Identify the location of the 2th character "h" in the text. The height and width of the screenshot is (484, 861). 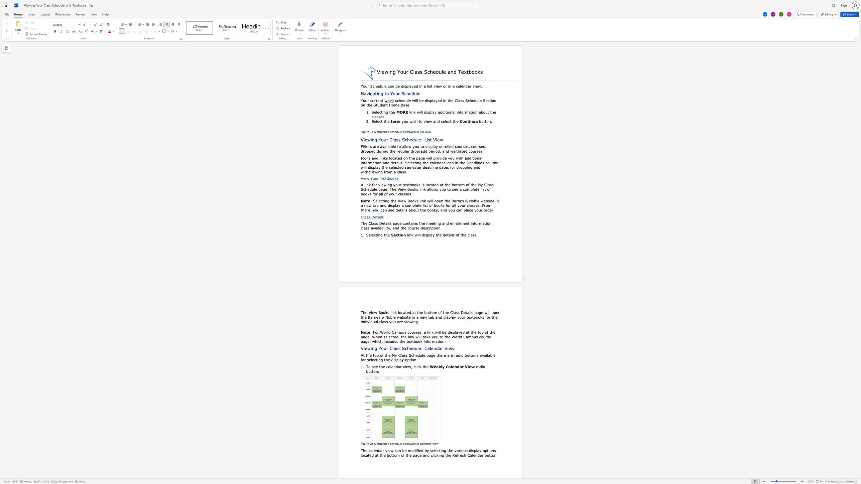
(447, 200).